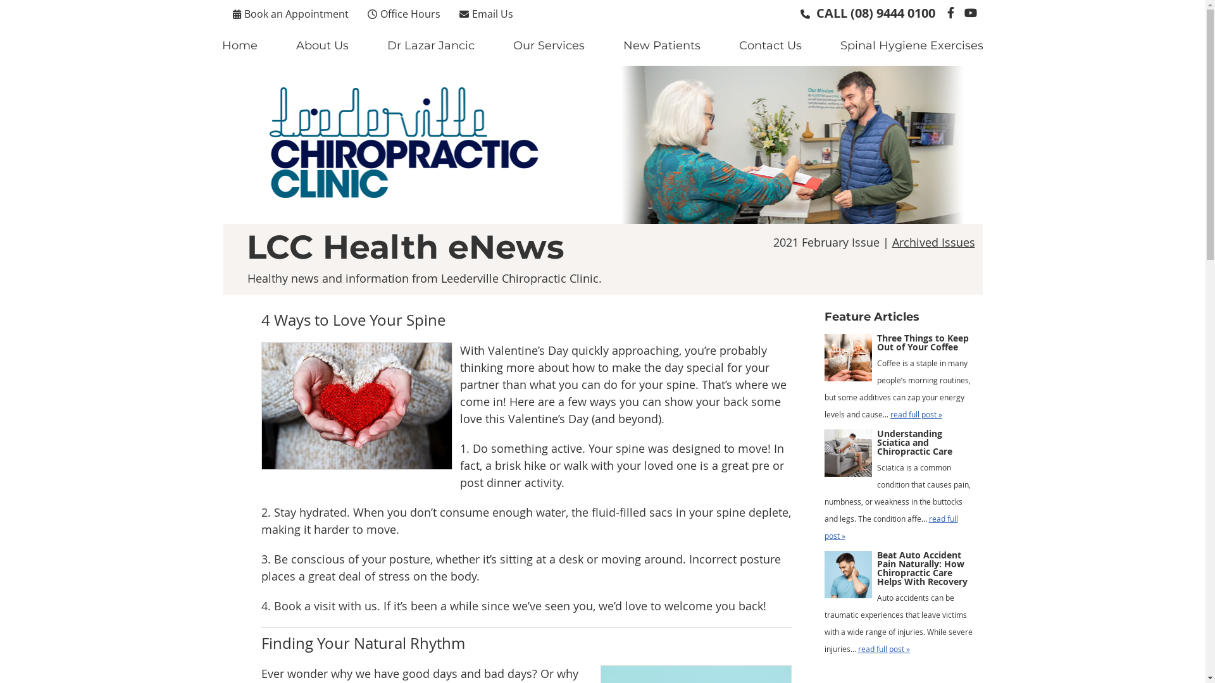 This screenshot has height=683, width=1215. What do you see at coordinates (847, 456) in the screenshot?
I see `'Understanding Sciatica and Chiropractic Care'` at bounding box center [847, 456].